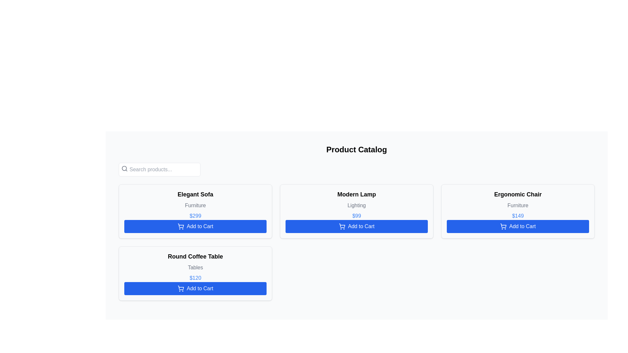  I want to click on the 'Add to Cart' icon located within the blue button under the 'Round Coffee Table' product card, so click(181, 288).